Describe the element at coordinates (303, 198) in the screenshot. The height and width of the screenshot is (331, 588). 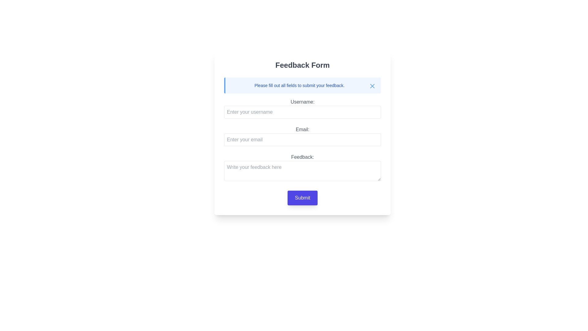
I see `the 'Submit' button located at the bottom of the form to observe the hover effect` at that location.